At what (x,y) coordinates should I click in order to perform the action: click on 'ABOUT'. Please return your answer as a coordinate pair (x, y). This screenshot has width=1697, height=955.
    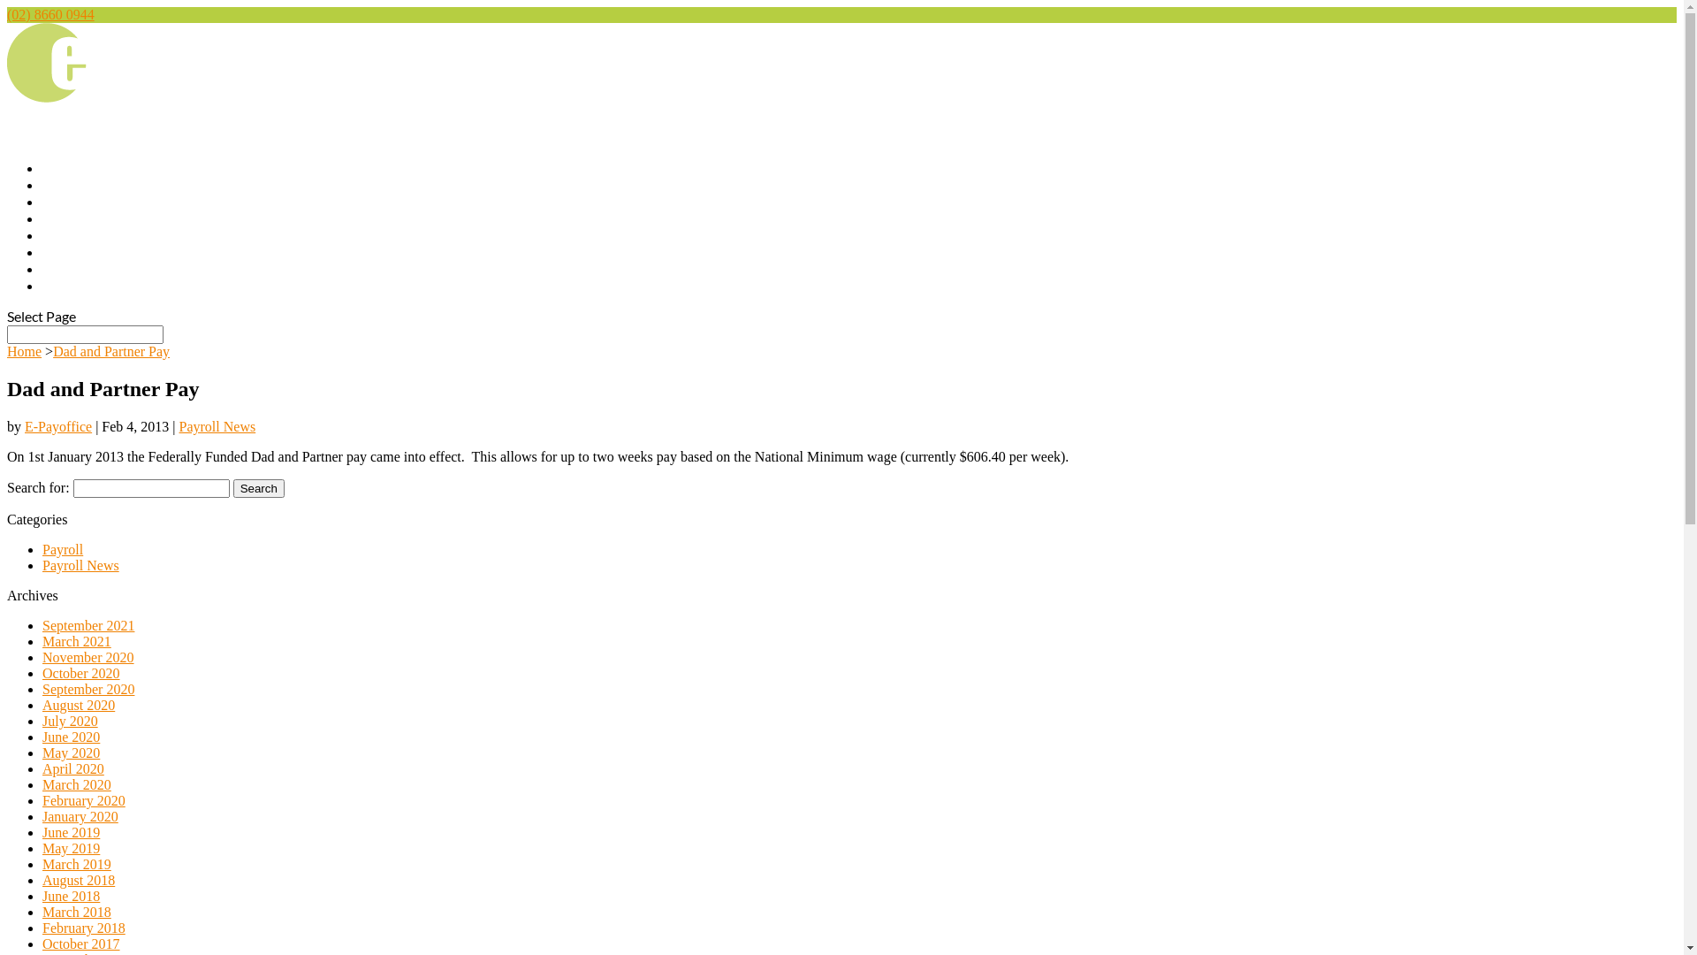
    Looking at the image, I should click on (66, 203).